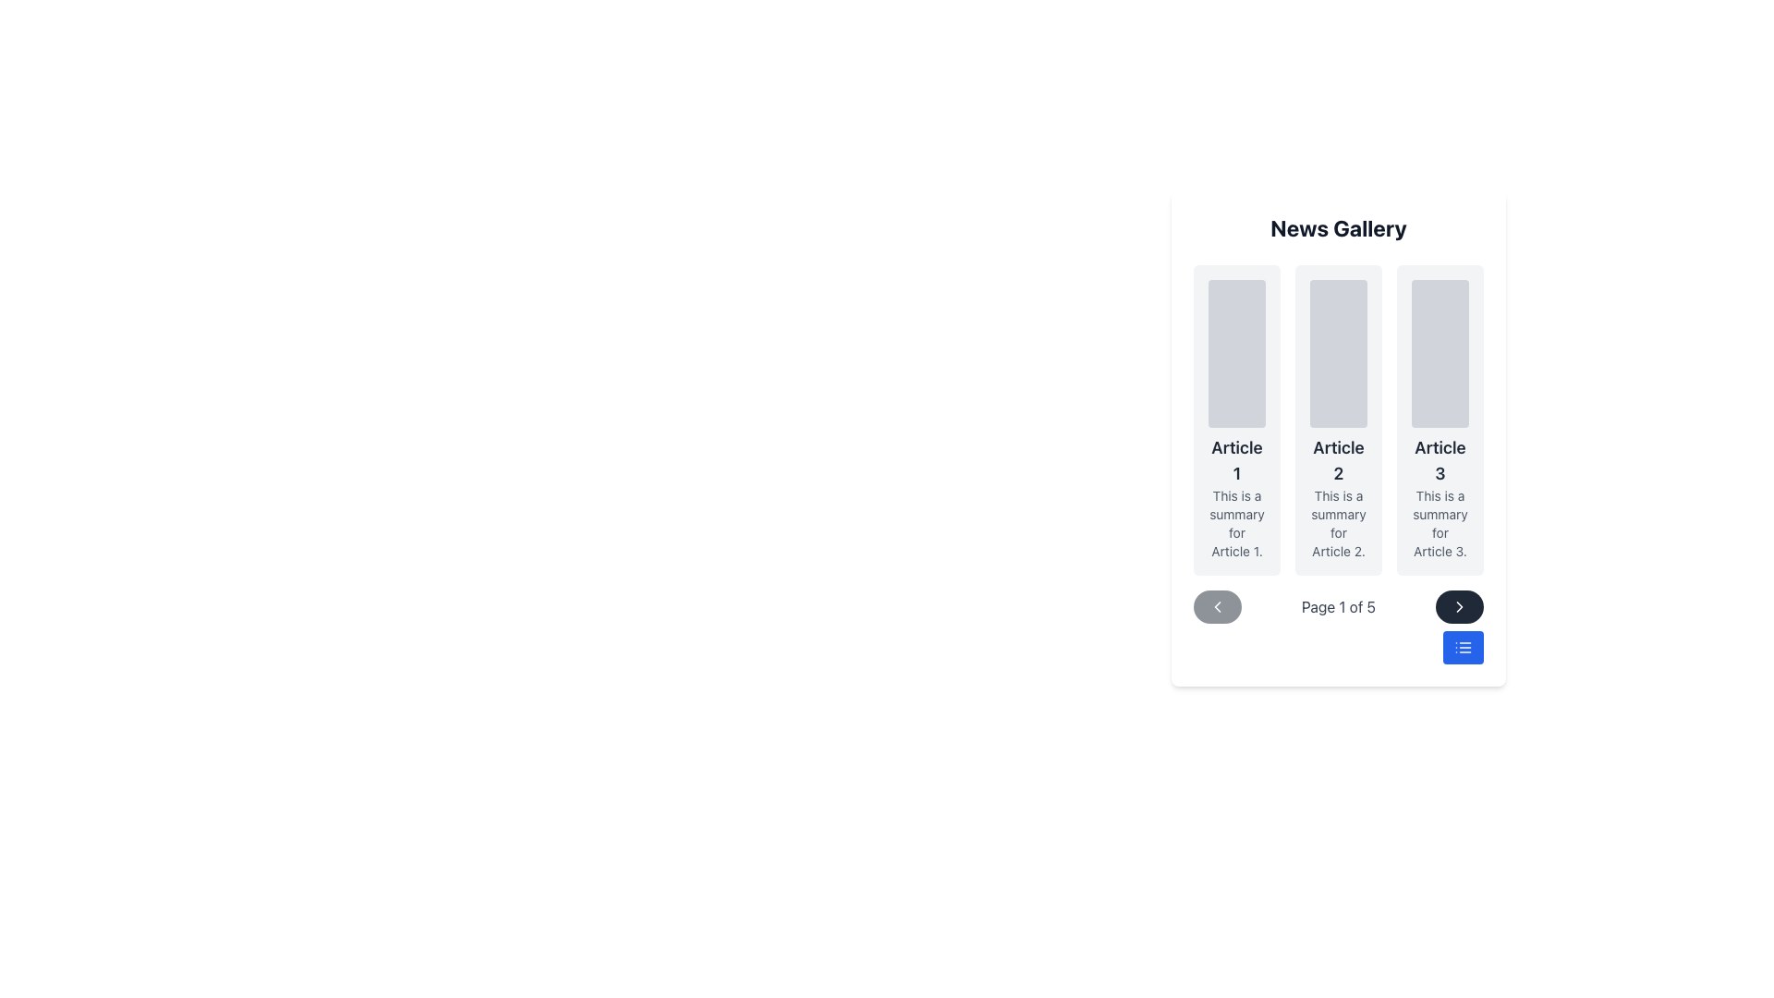 The width and height of the screenshot is (1774, 998). What do you see at coordinates (1440, 420) in the screenshot?
I see `the informational card located at the far right of the 'News Gallery' grid` at bounding box center [1440, 420].